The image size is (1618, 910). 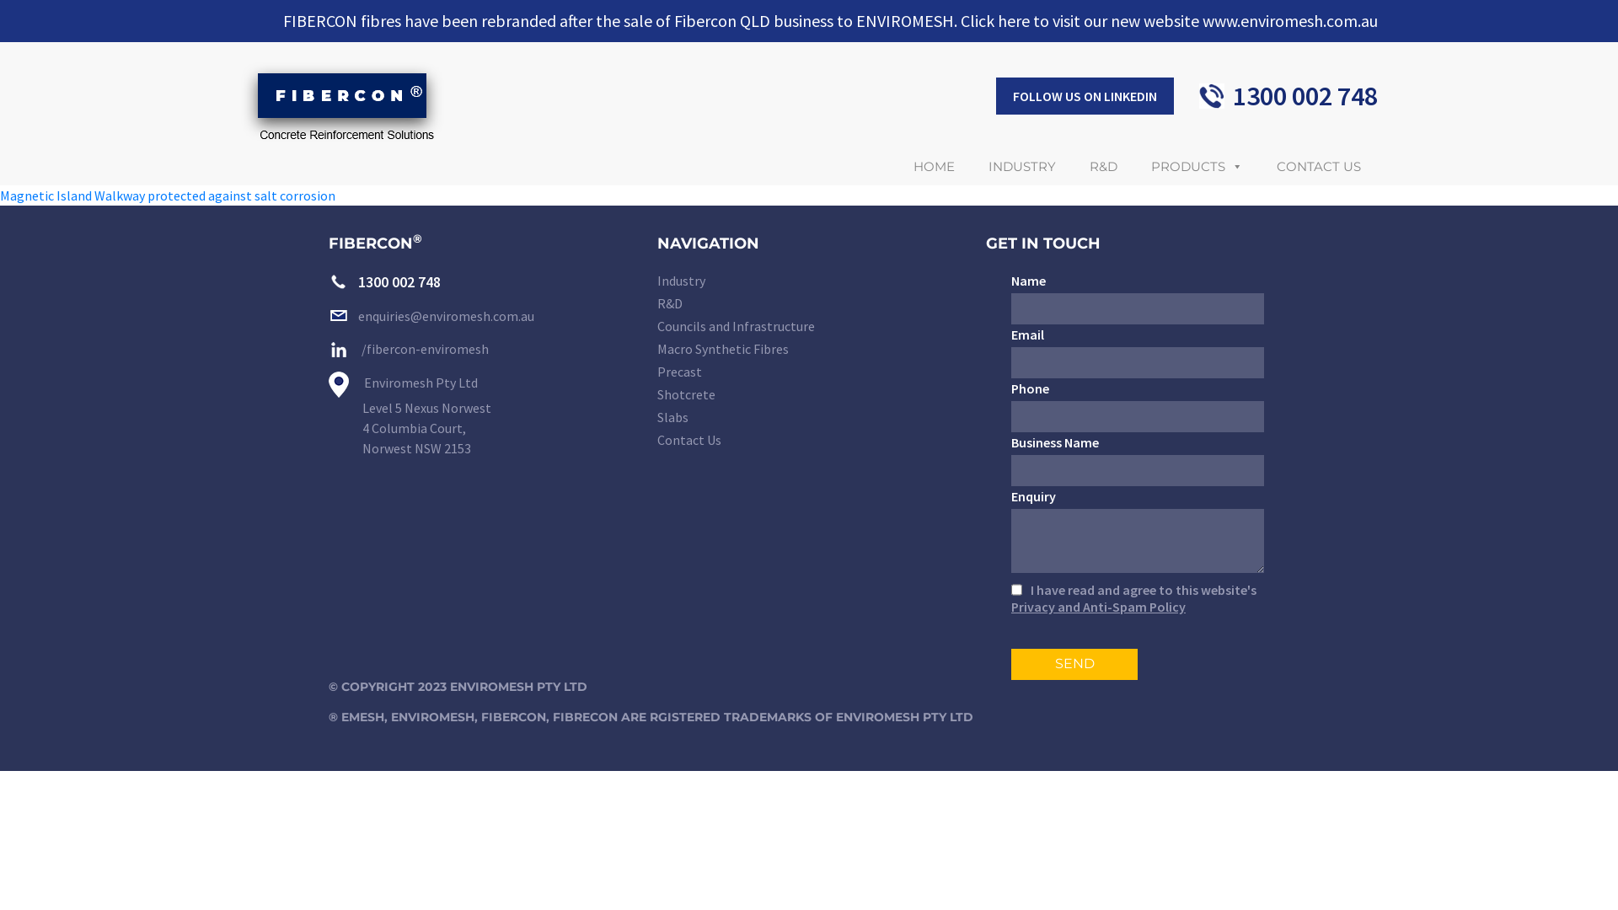 What do you see at coordinates (431, 315) in the screenshot?
I see `'enquiries@enviromesh.com.au'` at bounding box center [431, 315].